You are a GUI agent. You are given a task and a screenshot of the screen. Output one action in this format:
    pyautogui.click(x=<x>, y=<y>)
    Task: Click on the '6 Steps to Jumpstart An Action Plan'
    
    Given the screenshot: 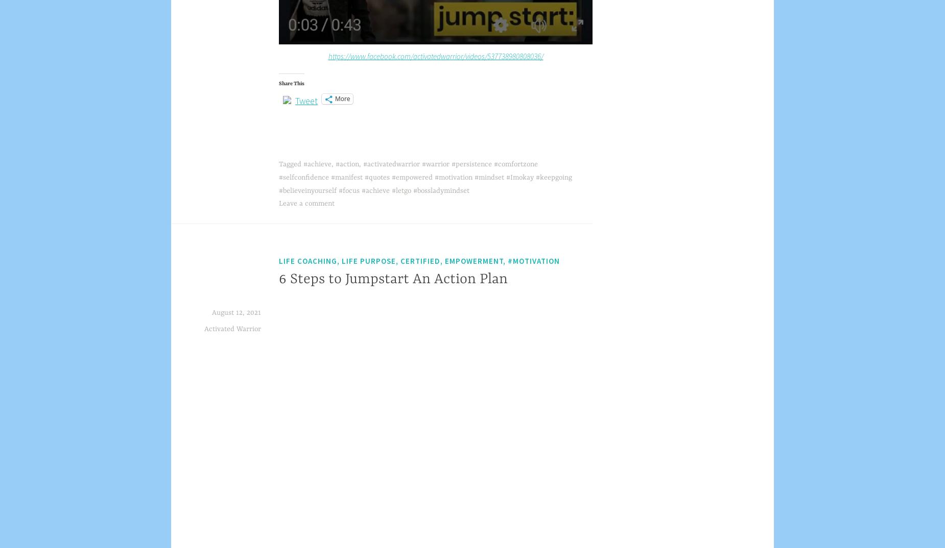 What is the action you would take?
    pyautogui.click(x=393, y=279)
    